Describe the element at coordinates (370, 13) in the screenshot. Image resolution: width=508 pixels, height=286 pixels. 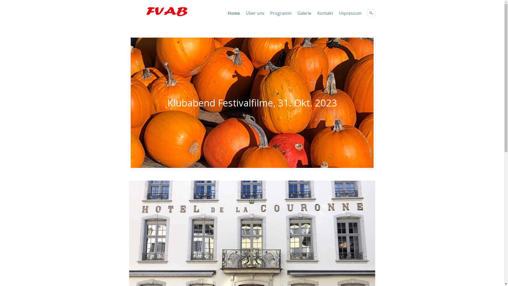
I see `'Suchen'` at that location.